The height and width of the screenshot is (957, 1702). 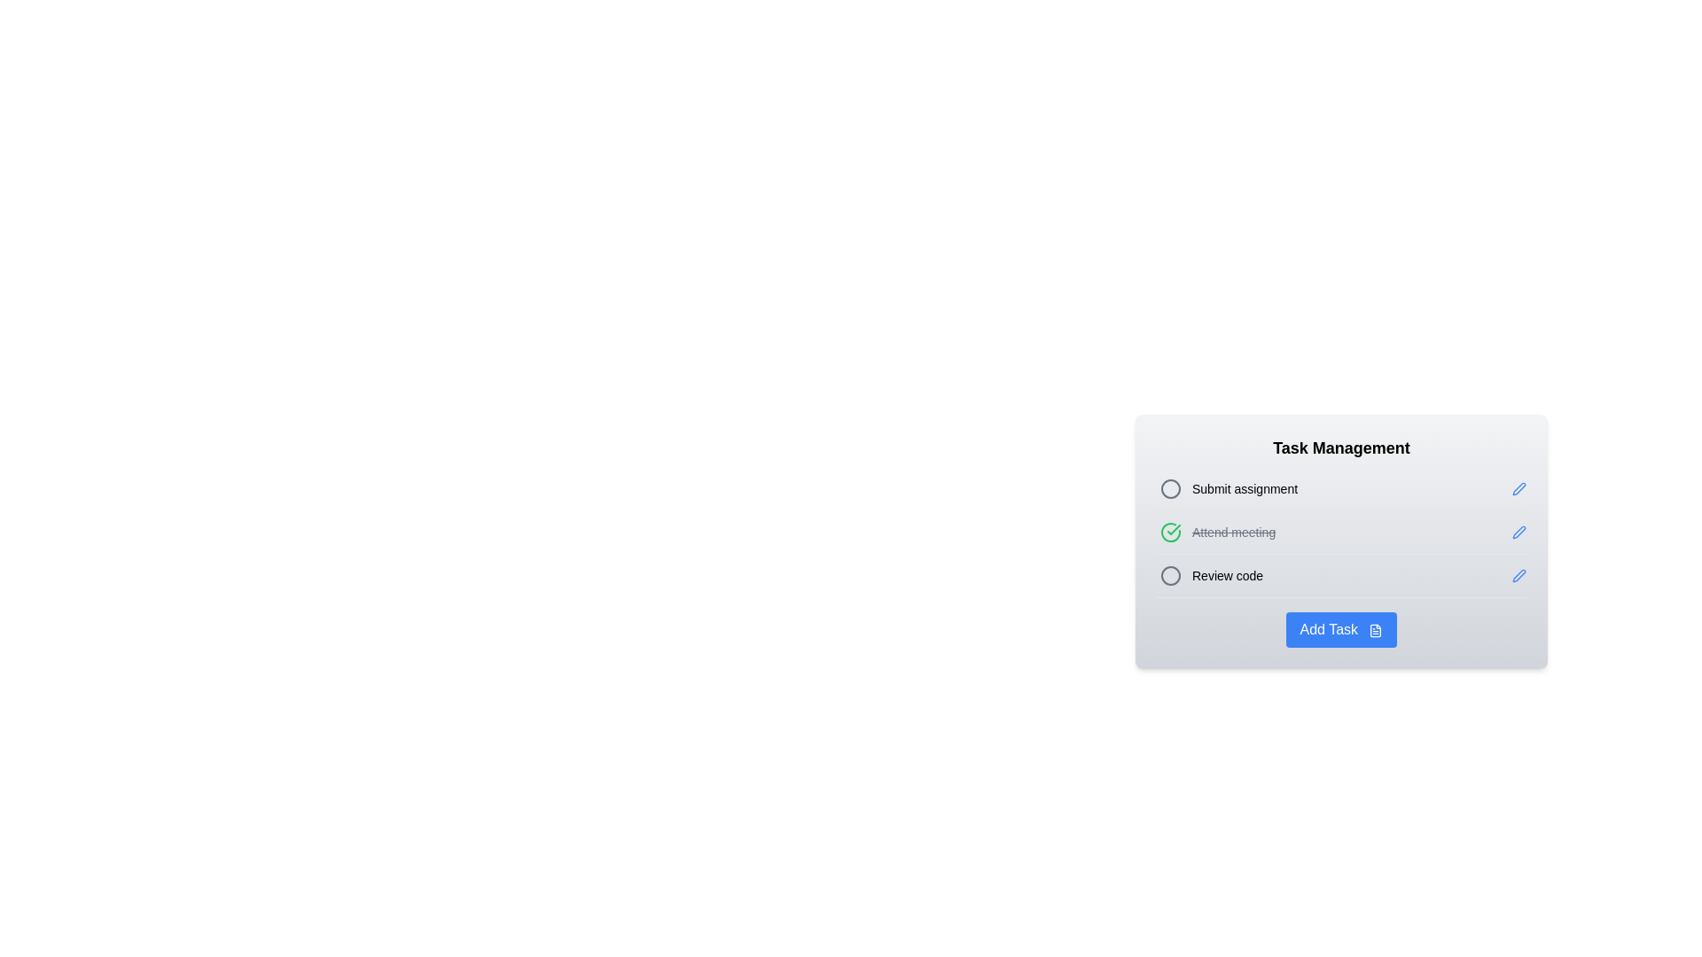 What do you see at coordinates (1170, 576) in the screenshot?
I see `the circular icon, which is an unselected checkbox located to the left of the 'Review code' label` at bounding box center [1170, 576].